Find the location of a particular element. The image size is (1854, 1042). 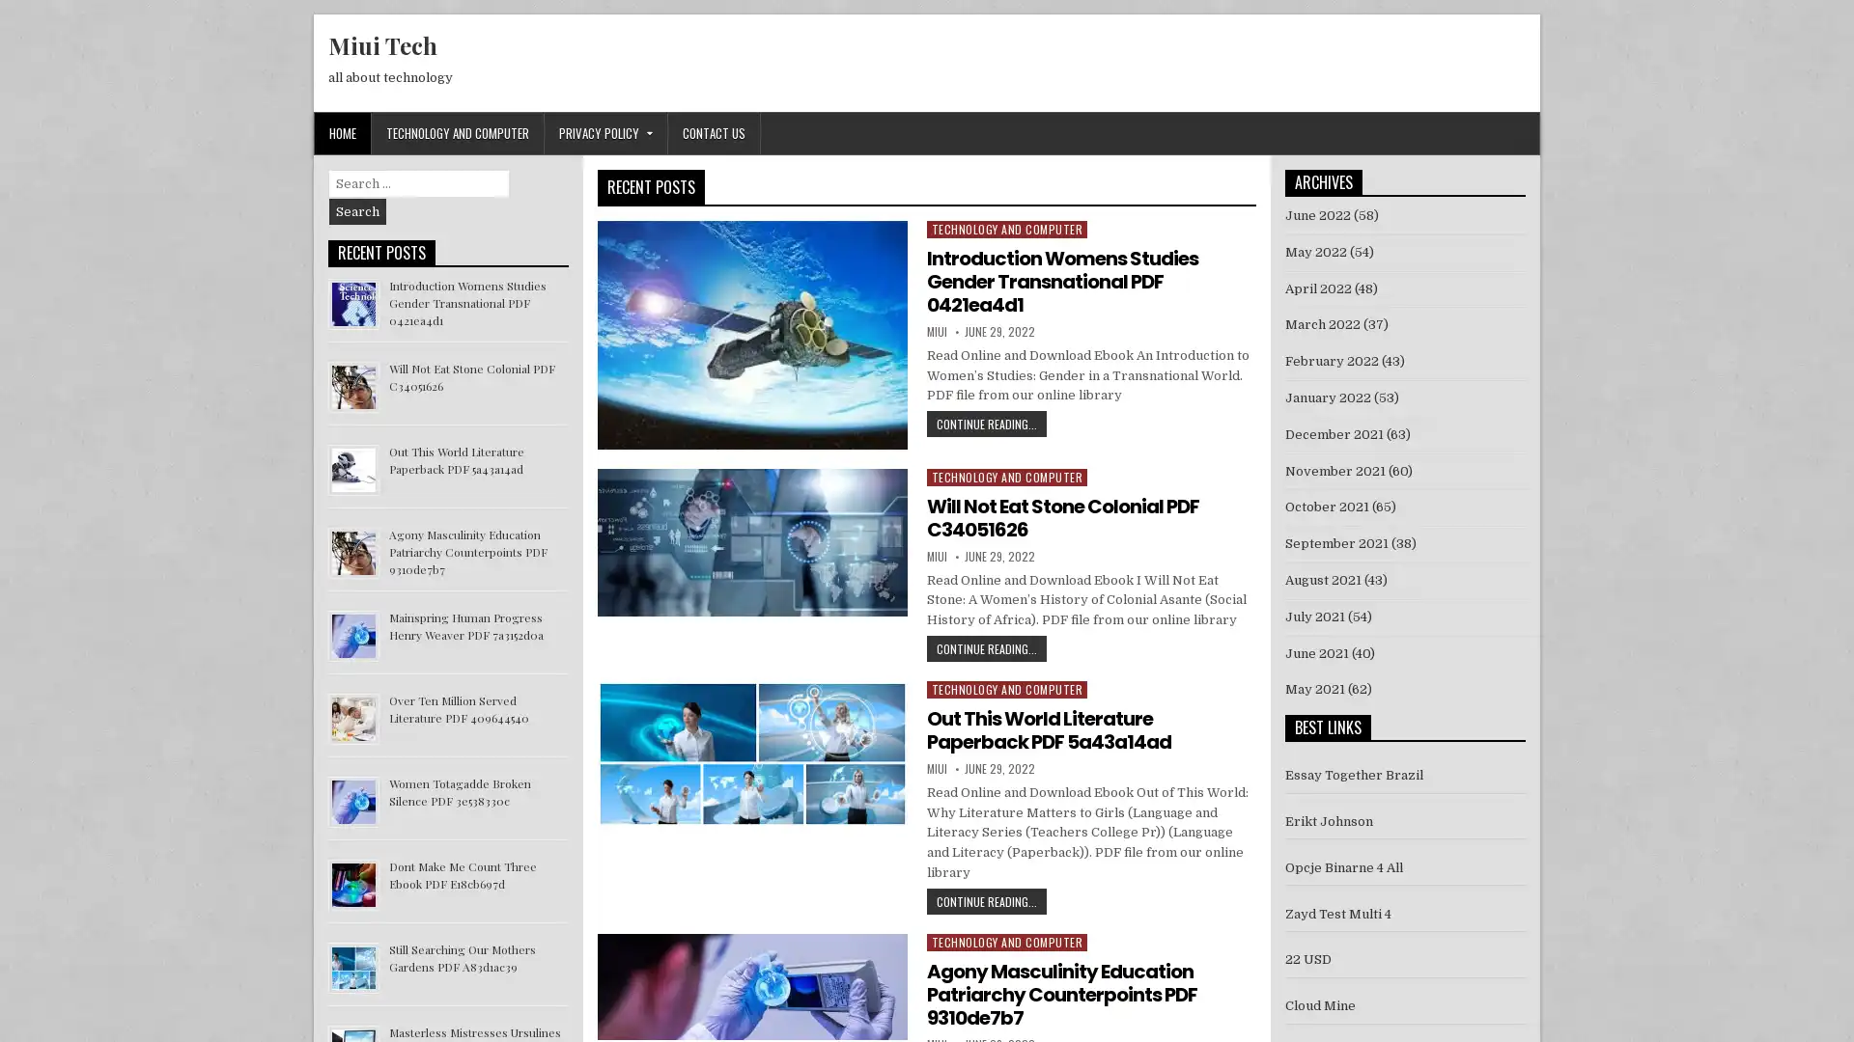

Search is located at coordinates (357, 211).